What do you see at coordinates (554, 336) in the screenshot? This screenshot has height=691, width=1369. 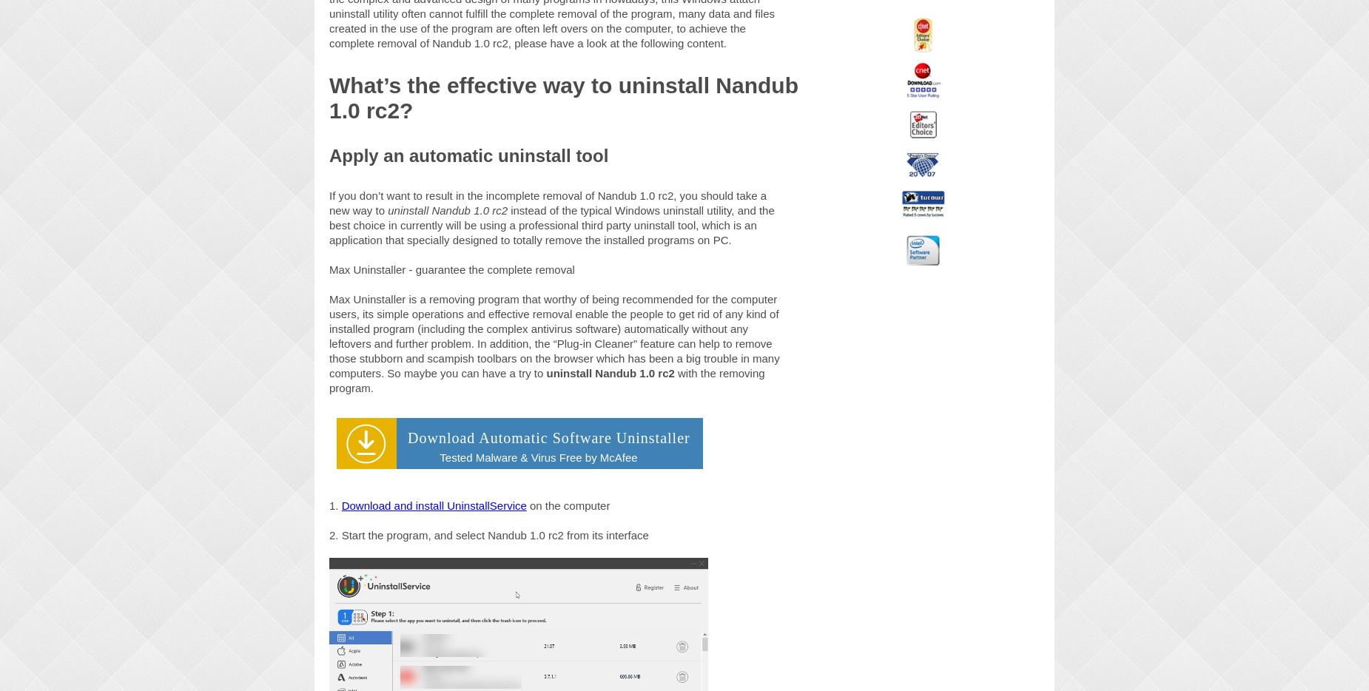 I see `'Max Uninstaller is a removing program that worthy of being recommended for the computer users, its simple operations and effective removal enable the people to get rid 
					of any kind of installed program (including the complex antivirus software) automatically without any leftovers
					 and further problem. In addition, the “Plug-in Cleaner” feature can help to remove those stubborn and scampish toolbars
				  on the browser which has been a big trouble in many computers. So maybe you can have a try to'` at bounding box center [554, 336].